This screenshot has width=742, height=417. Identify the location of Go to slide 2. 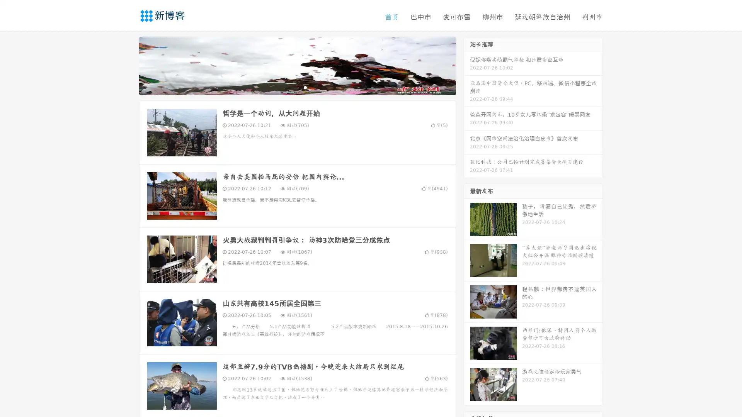
(297, 87).